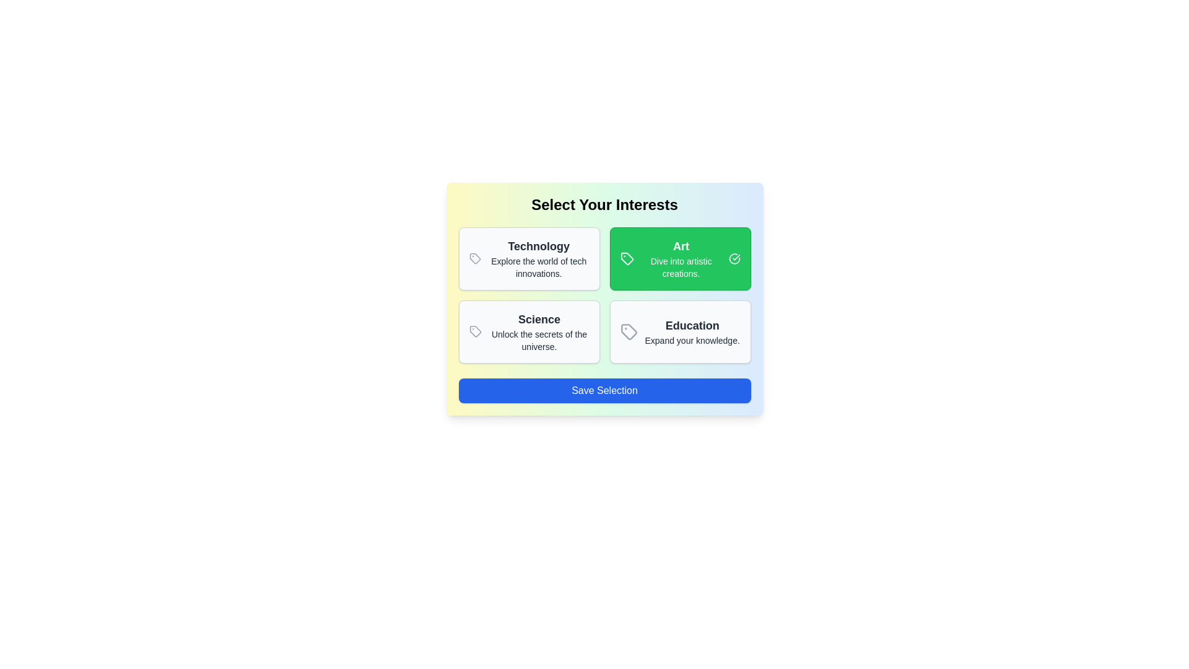 The image size is (1189, 669). What do you see at coordinates (679, 258) in the screenshot?
I see `the category Art` at bounding box center [679, 258].